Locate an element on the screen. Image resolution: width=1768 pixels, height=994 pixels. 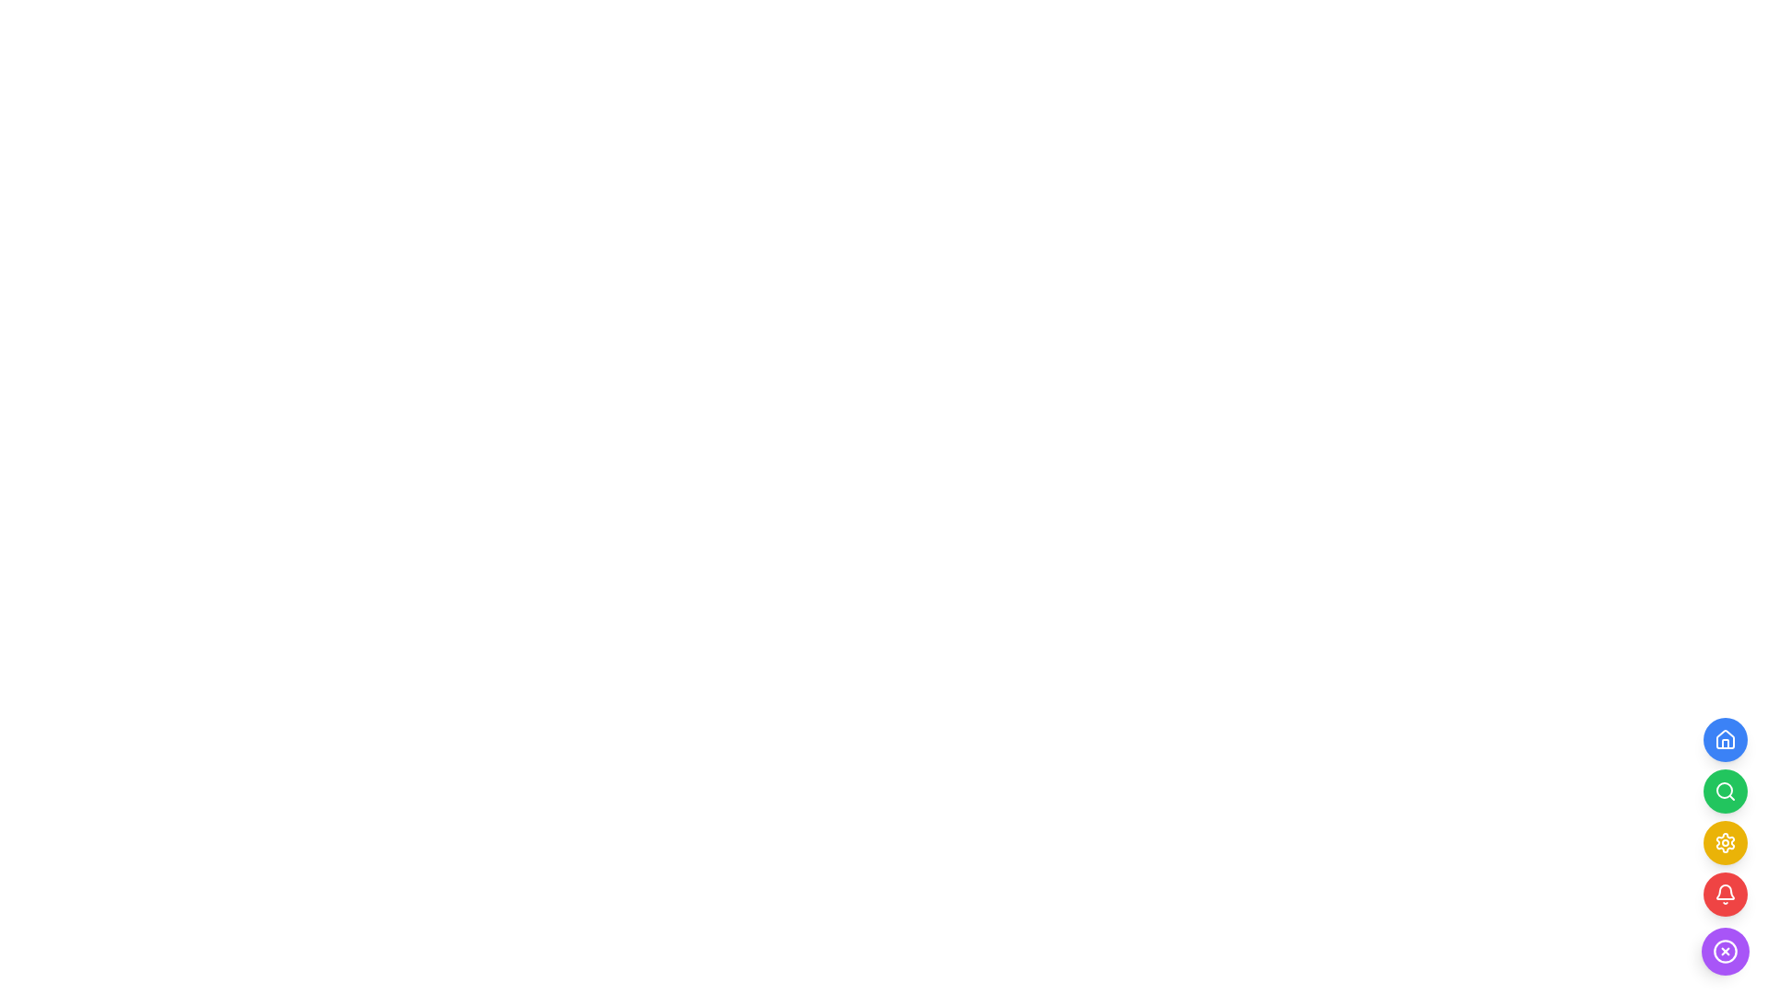
the circular blue button with a white house icon located at the top of the stack is located at coordinates (1724, 738).